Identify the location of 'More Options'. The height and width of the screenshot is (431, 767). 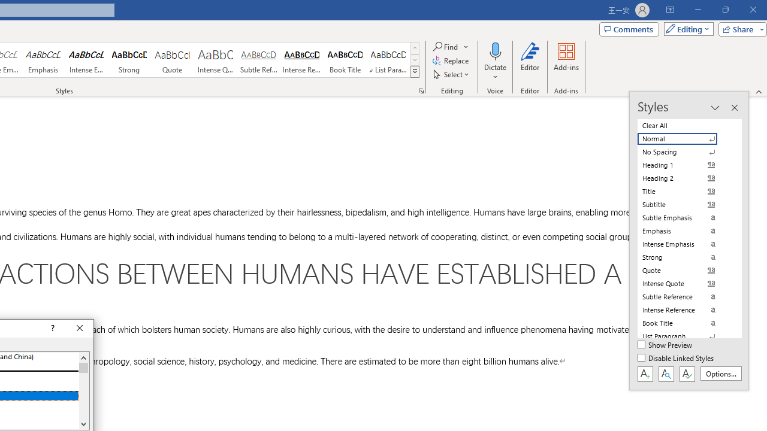
(495, 72).